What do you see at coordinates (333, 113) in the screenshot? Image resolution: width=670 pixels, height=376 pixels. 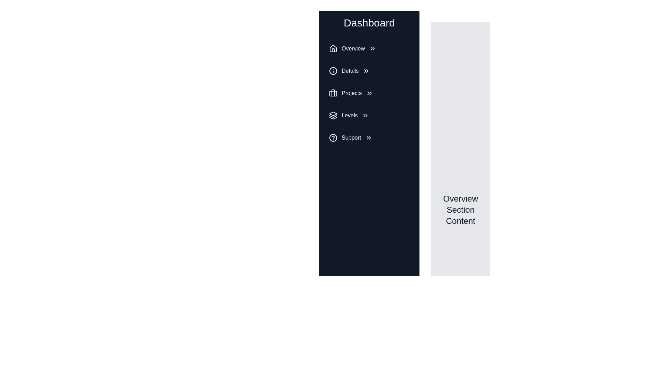 I see `the 'Levels' menu icon, which is the uppermost part of a three-part layered icon located in the sidebar` at bounding box center [333, 113].